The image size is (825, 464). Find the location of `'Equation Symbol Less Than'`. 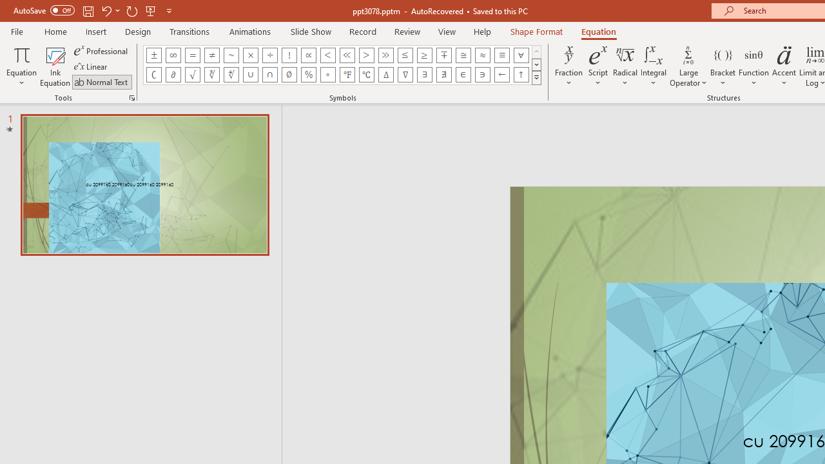

'Equation Symbol Less Than' is located at coordinates (327, 55).